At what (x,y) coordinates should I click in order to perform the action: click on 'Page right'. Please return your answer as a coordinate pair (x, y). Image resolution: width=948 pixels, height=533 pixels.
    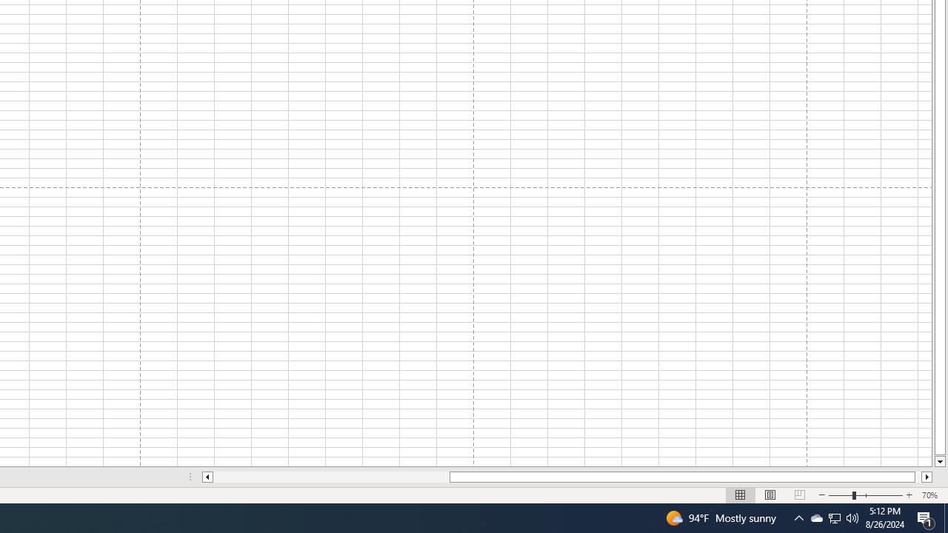
    Looking at the image, I should click on (918, 477).